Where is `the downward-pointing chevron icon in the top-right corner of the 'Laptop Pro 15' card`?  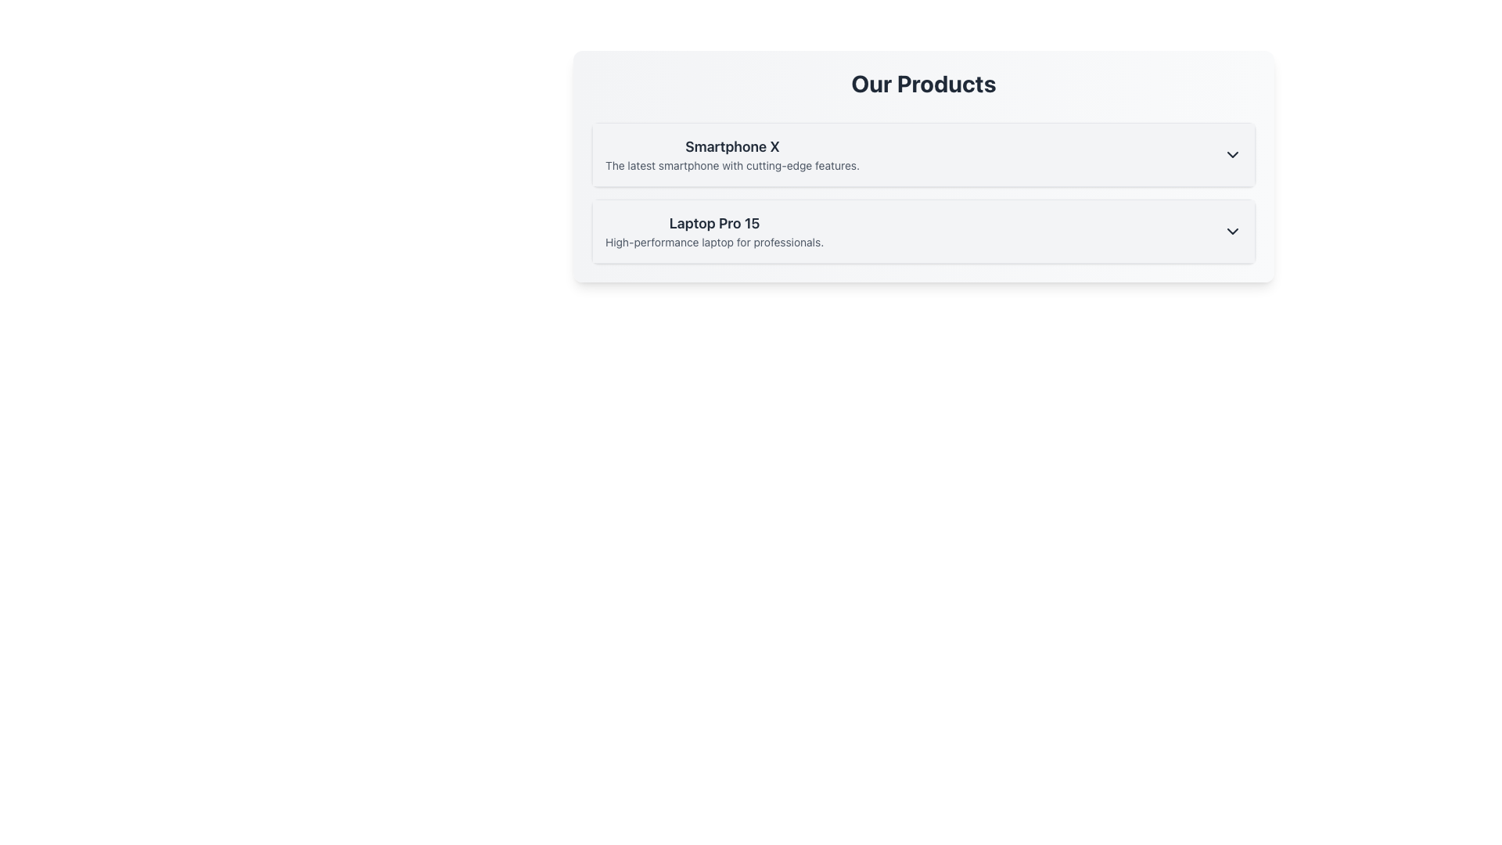 the downward-pointing chevron icon in the top-right corner of the 'Laptop Pro 15' card is located at coordinates (1231, 232).